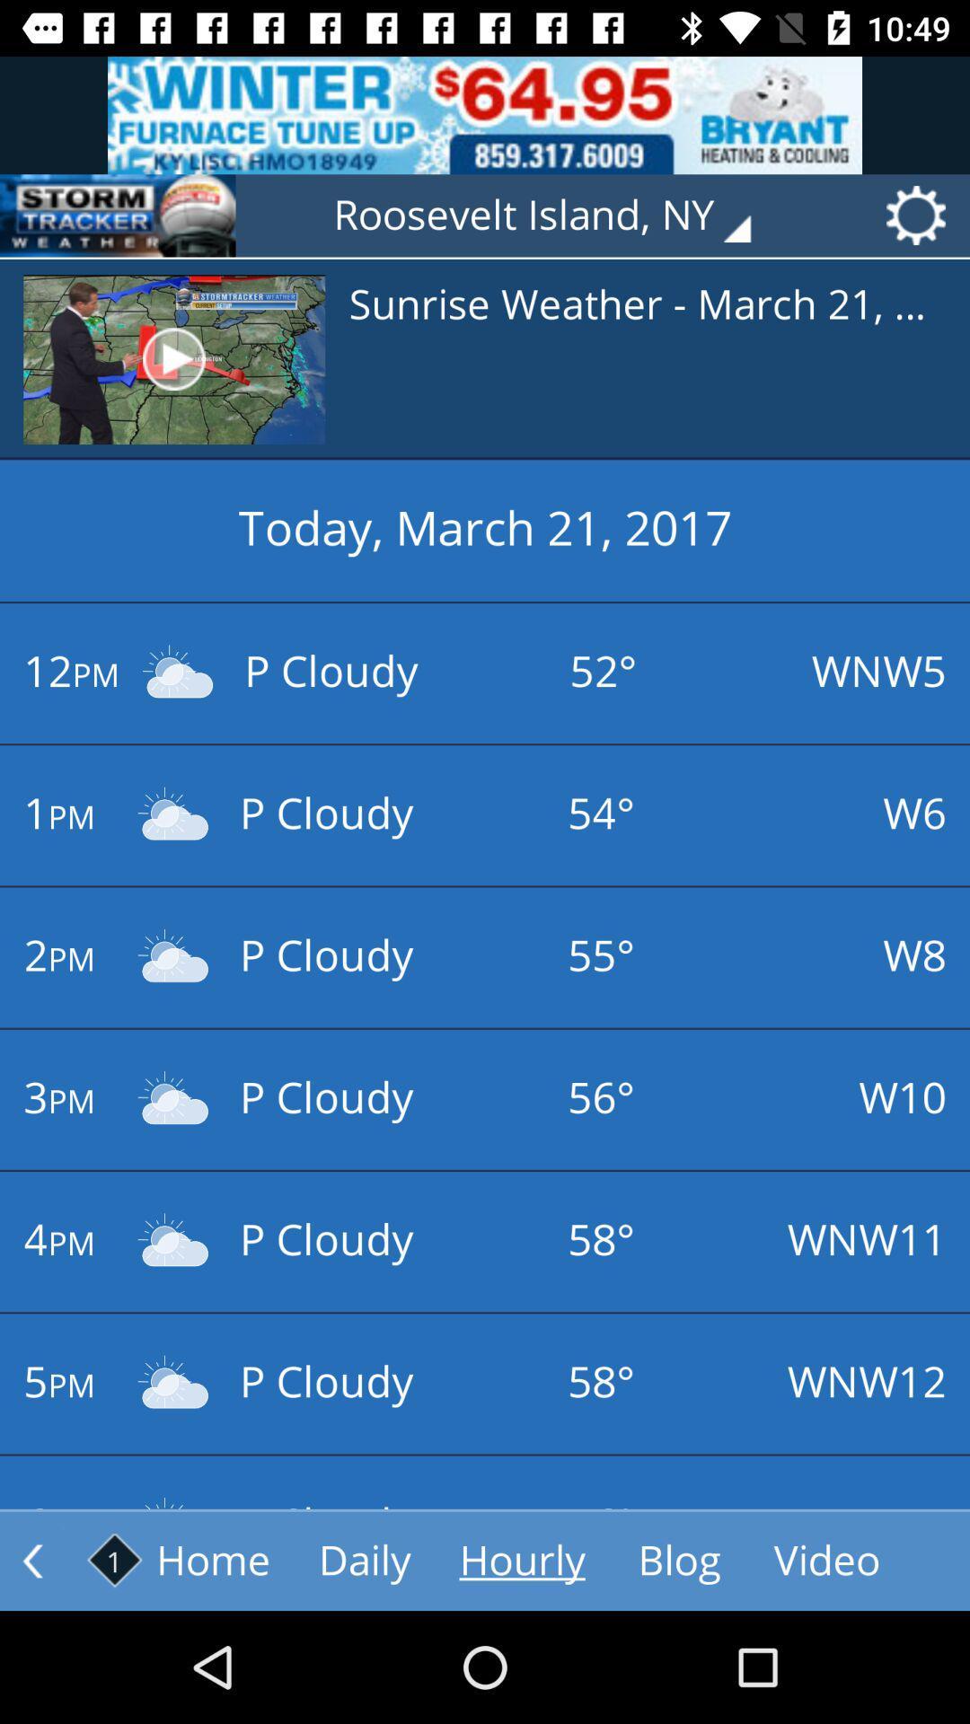 The width and height of the screenshot is (970, 1724). What do you see at coordinates (118, 215) in the screenshot?
I see `the icon next to the roosevelt island, ny icon` at bounding box center [118, 215].